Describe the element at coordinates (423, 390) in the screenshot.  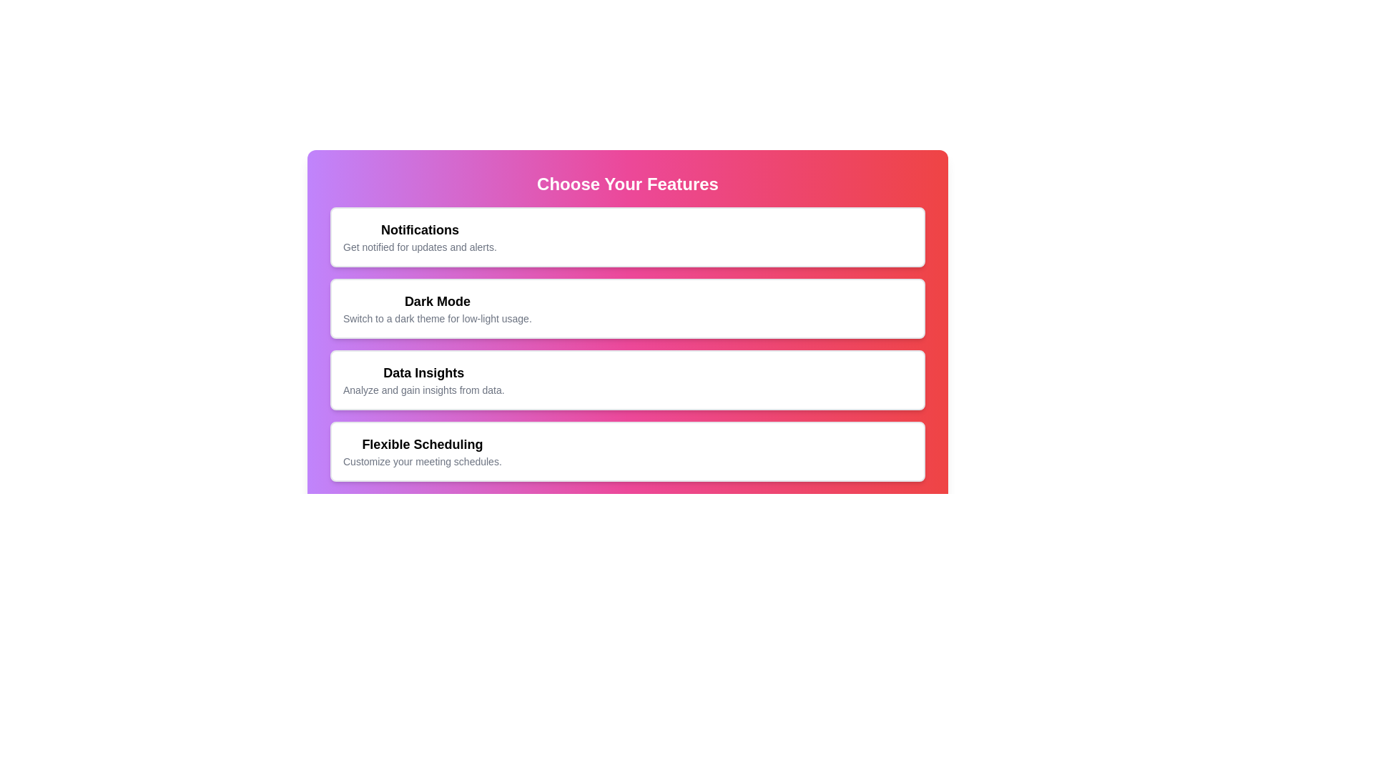
I see `the text label that reads 'Analyze and gain insights from data.' located under the 'Data Insights' heading in the third card down from the top` at that location.